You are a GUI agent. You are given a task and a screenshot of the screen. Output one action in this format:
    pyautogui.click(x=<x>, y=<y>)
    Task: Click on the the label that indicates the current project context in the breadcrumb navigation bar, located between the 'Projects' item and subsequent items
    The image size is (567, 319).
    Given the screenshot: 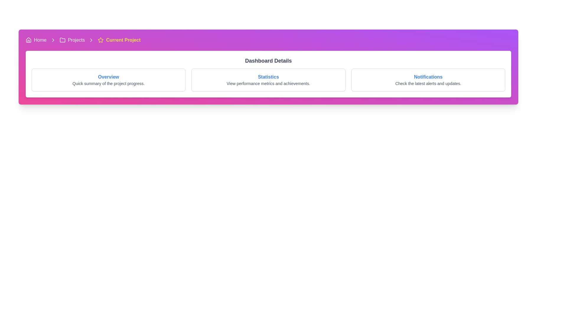 What is the action you would take?
    pyautogui.click(x=119, y=40)
    